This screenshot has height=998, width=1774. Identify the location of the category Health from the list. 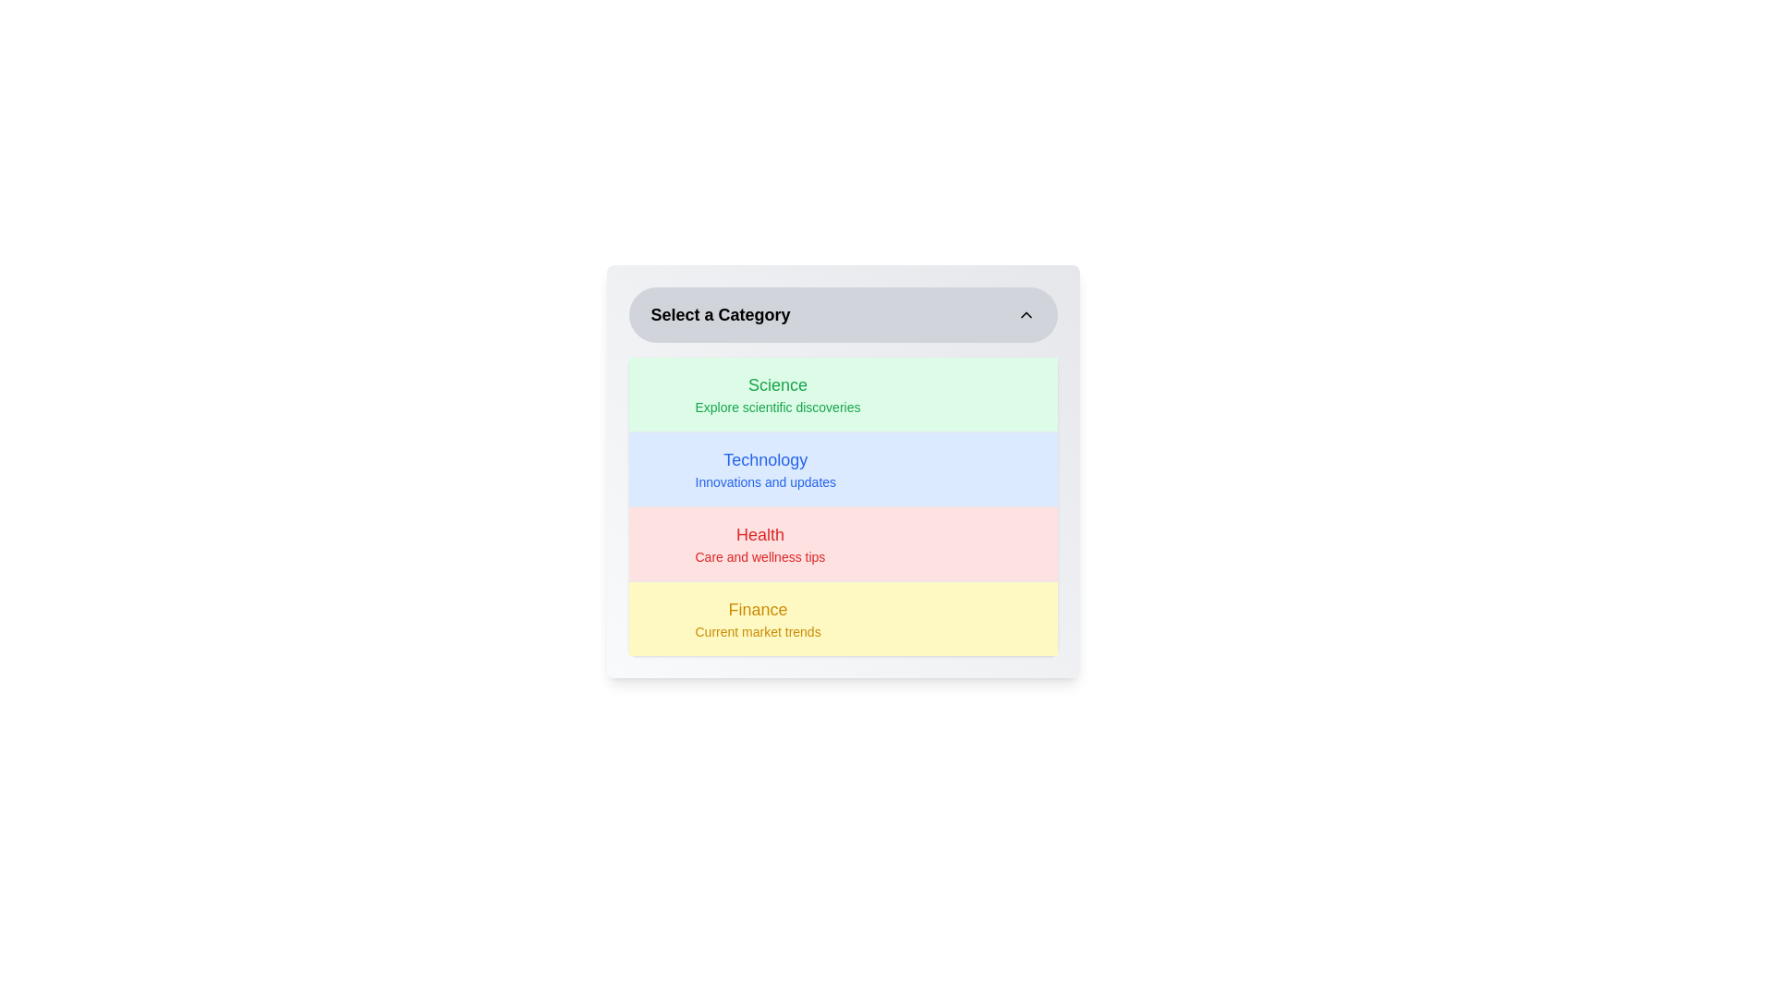
(842, 542).